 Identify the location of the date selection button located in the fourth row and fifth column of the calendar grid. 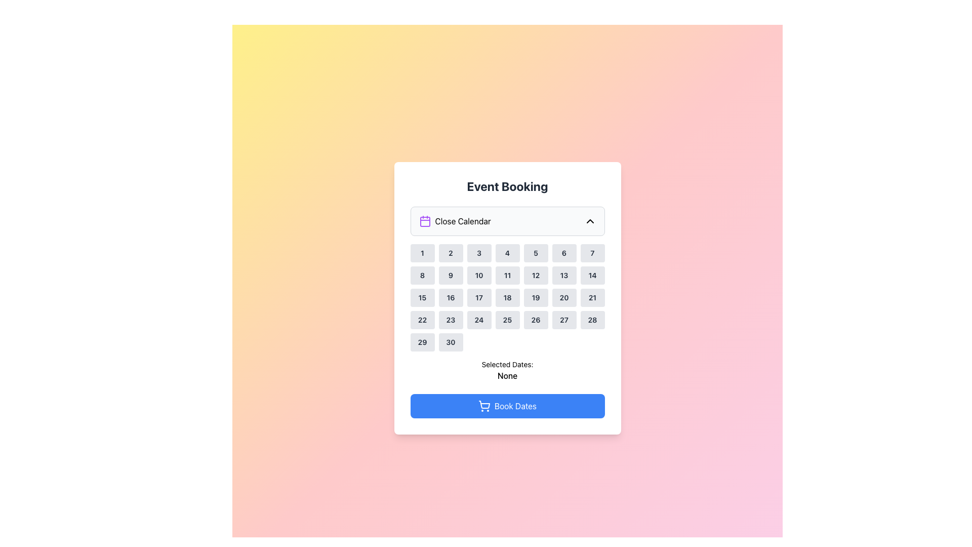
(535, 320).